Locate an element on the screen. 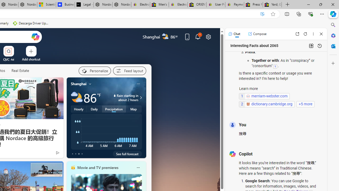 This screenshot has height=191, width=339. 'Precipitation' is located at coordinates (114, 109).